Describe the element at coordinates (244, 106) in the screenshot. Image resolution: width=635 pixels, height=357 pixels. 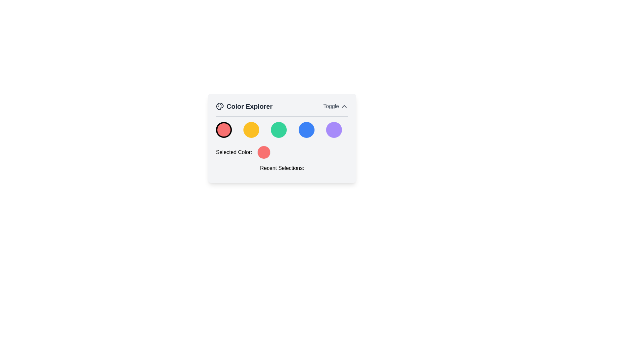
I see `the header label positioned in the upper-left section of the panel, which serves as the title for the surrounding interface` at that location.